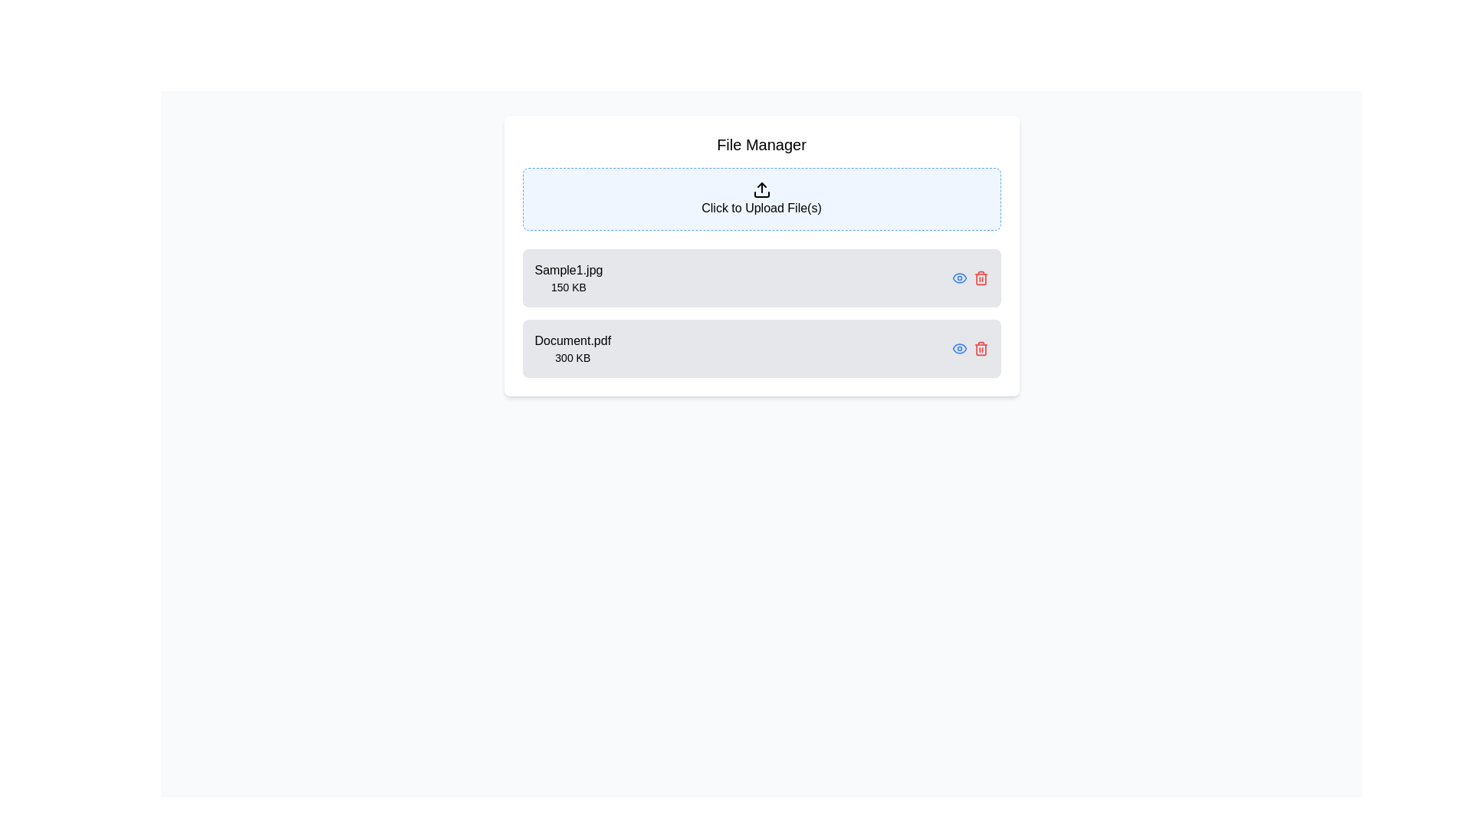 The width and height of the screenshot is (1472, 828). What do you see at coordinates (980, 279) in the screenshot?
I see `the trash can icon located in the bottom-right corner of the file entry row` at bounding box center [980, 279].